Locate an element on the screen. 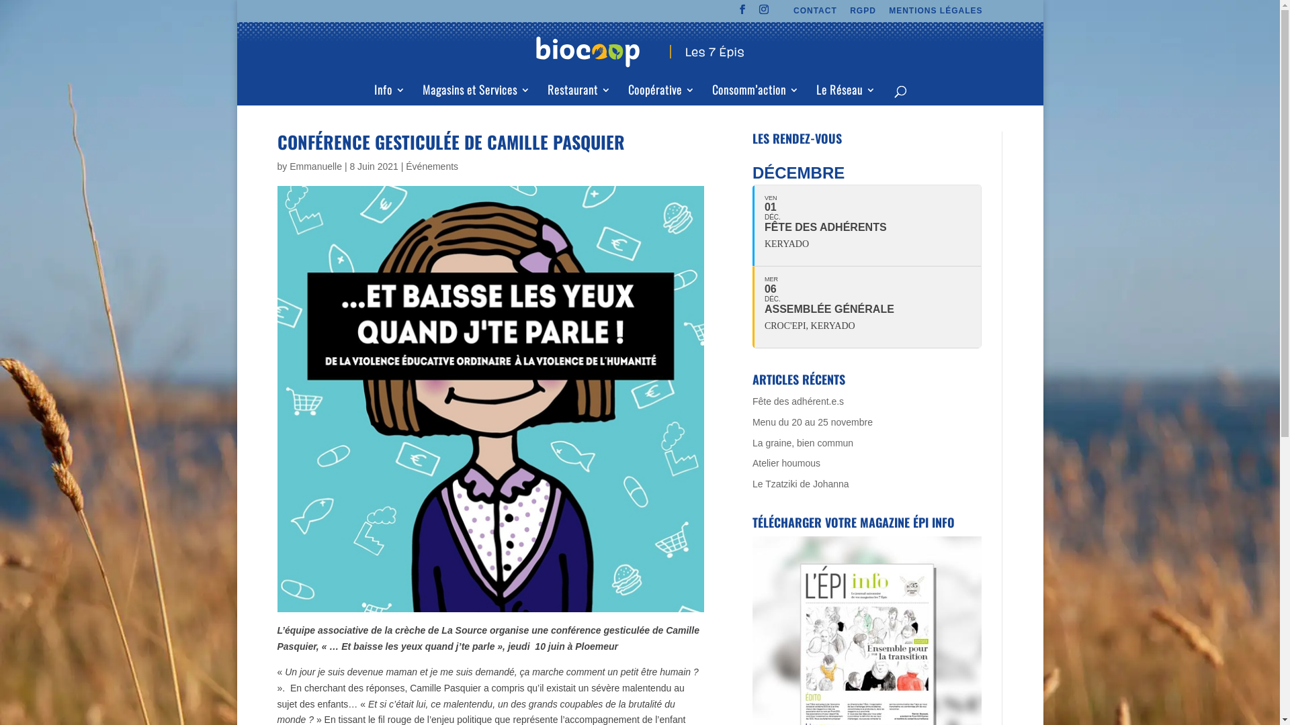 This screenshot has width=1290, height=725. 'Info' is located at coordinates (388, 94).